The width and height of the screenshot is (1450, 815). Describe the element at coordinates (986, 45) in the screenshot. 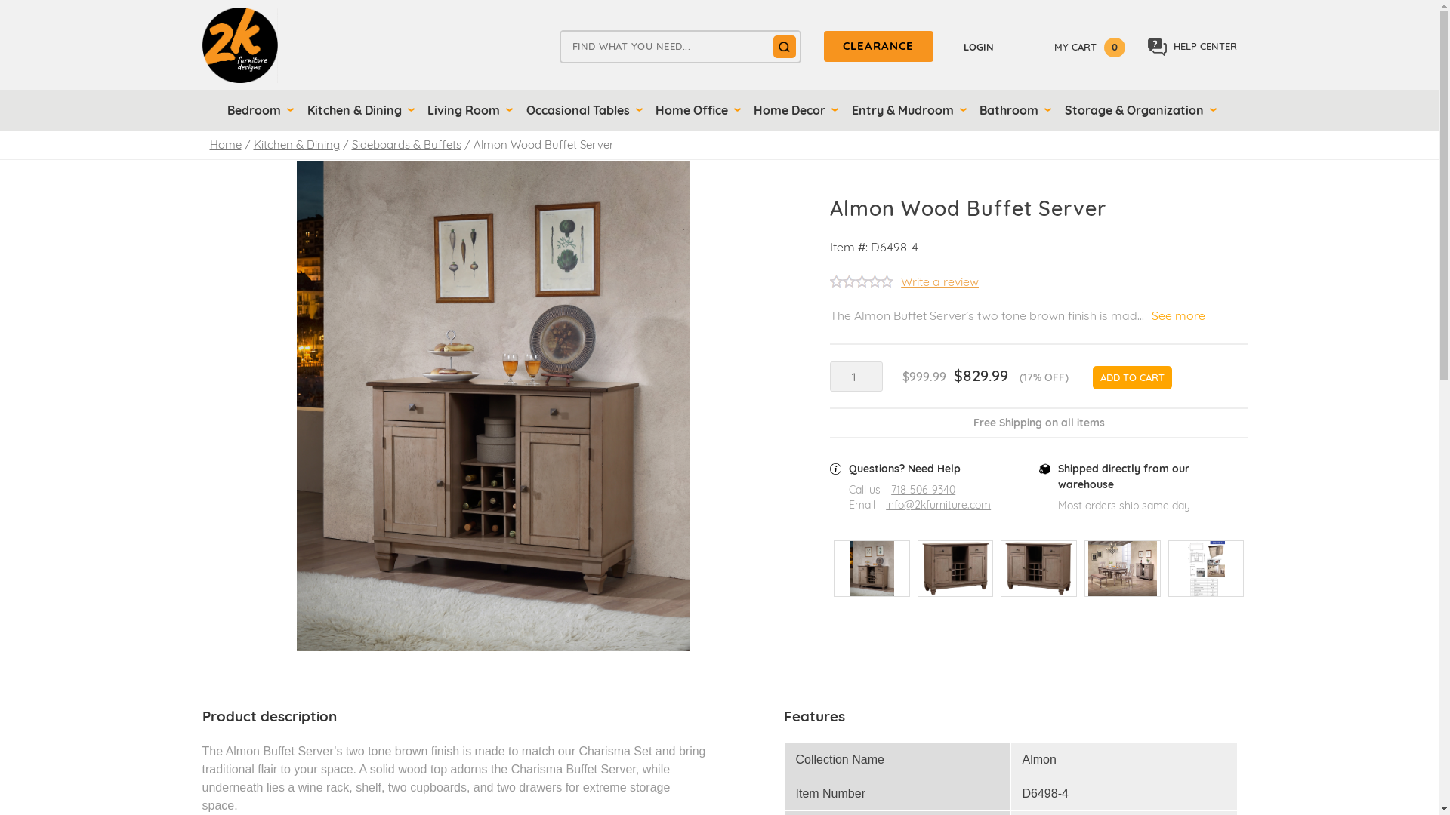

I see `'LOGIN'` at that location.